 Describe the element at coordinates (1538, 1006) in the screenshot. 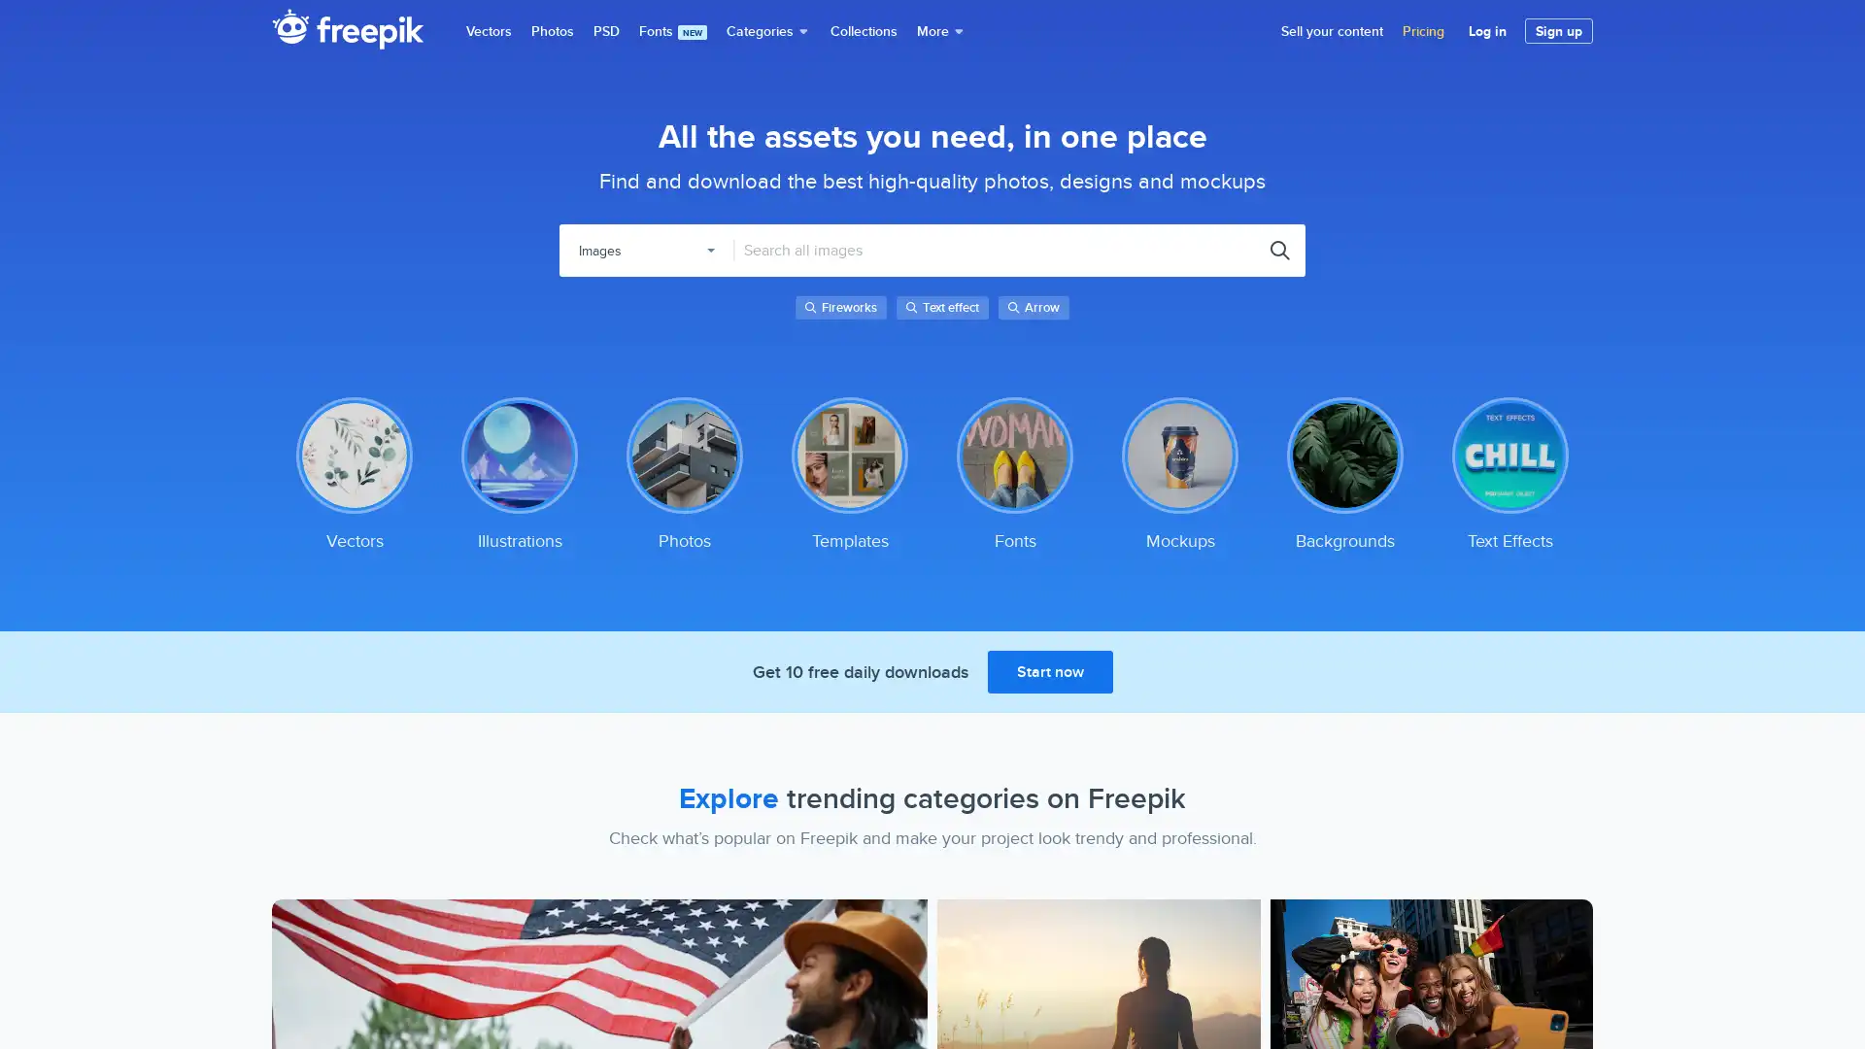

I see `Accept Cookies` at that location.